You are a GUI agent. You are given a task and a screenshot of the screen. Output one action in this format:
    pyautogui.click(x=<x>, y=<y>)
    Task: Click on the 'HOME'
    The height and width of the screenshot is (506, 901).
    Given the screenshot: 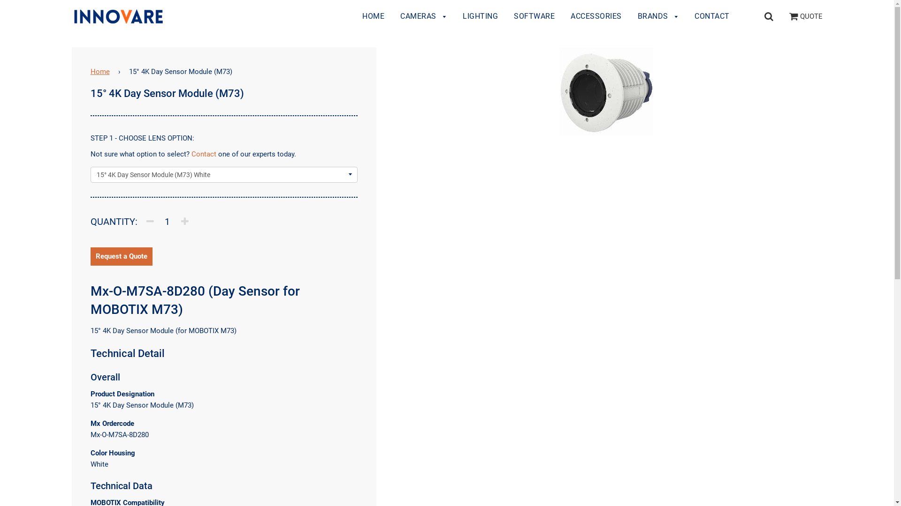 What is the action you would take?
    pyautogui.click(x=373, y=16)
    